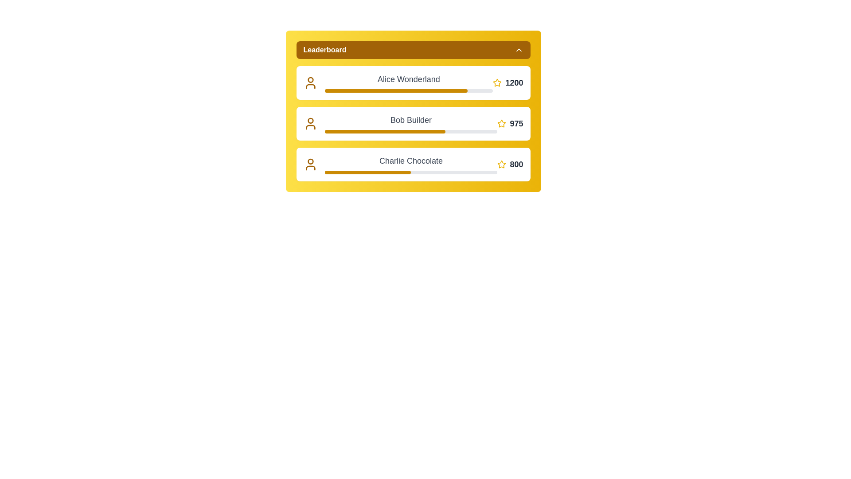 This screenshot has height=479, width=851. Describe the element at coordinates (497, 82) in the screenshot. I see `the visual indicator icon associated with the score or achievement for 'Alice Wonderland' located at the top-right portion of the leaderboard entry` at that location.